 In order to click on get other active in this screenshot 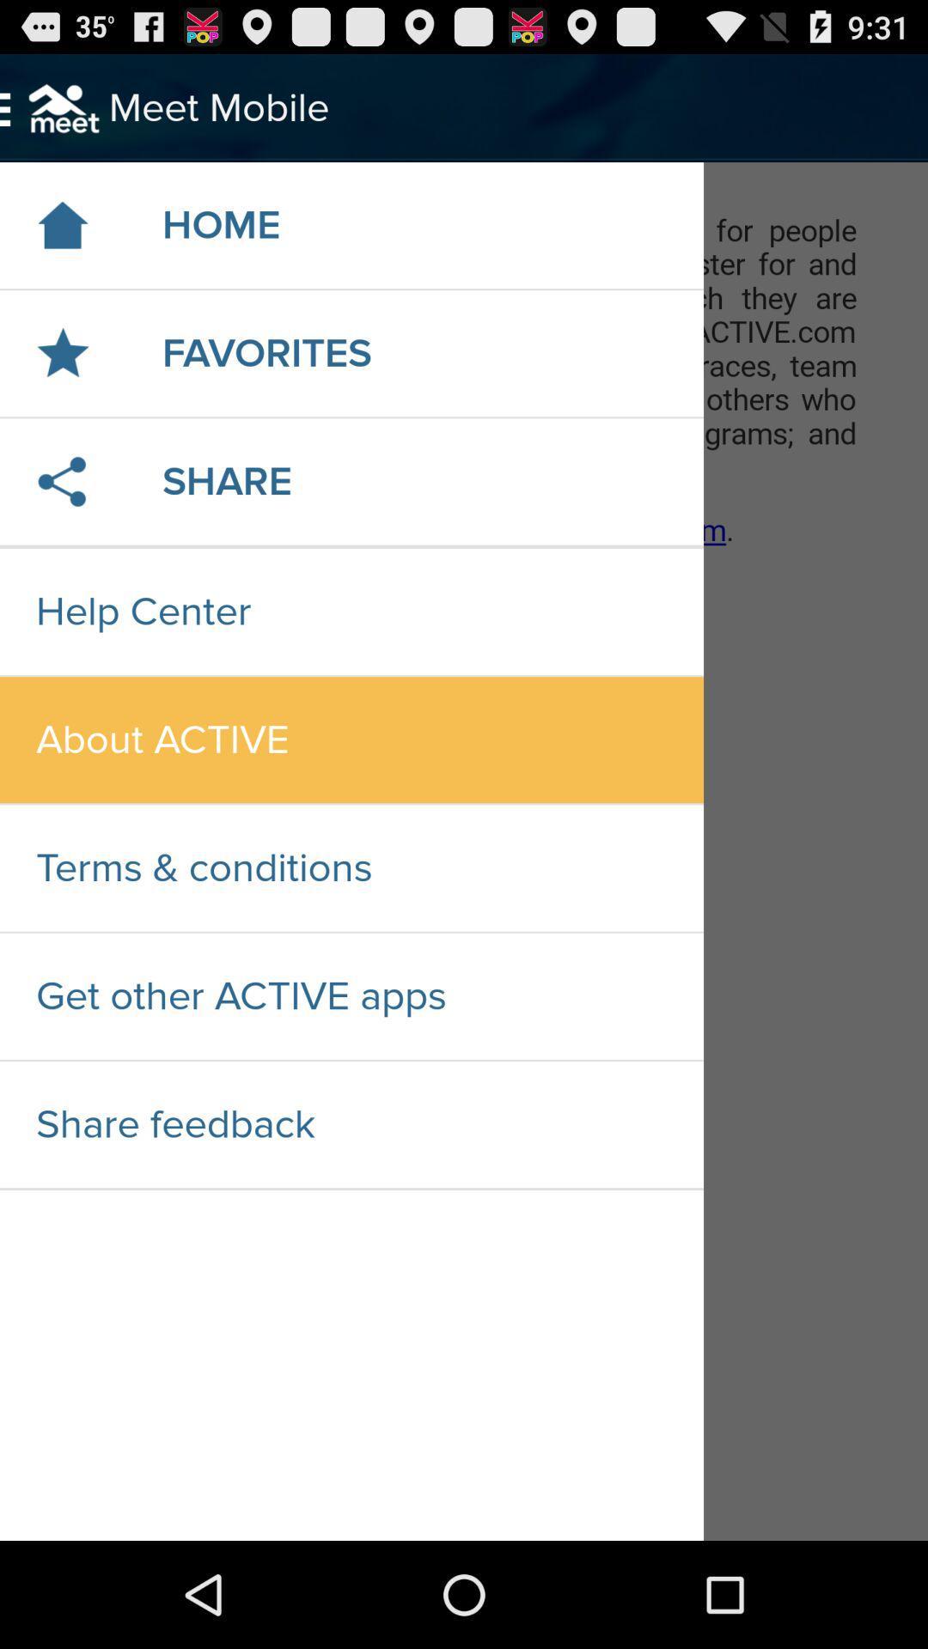, I will do `click(351, 996)`.